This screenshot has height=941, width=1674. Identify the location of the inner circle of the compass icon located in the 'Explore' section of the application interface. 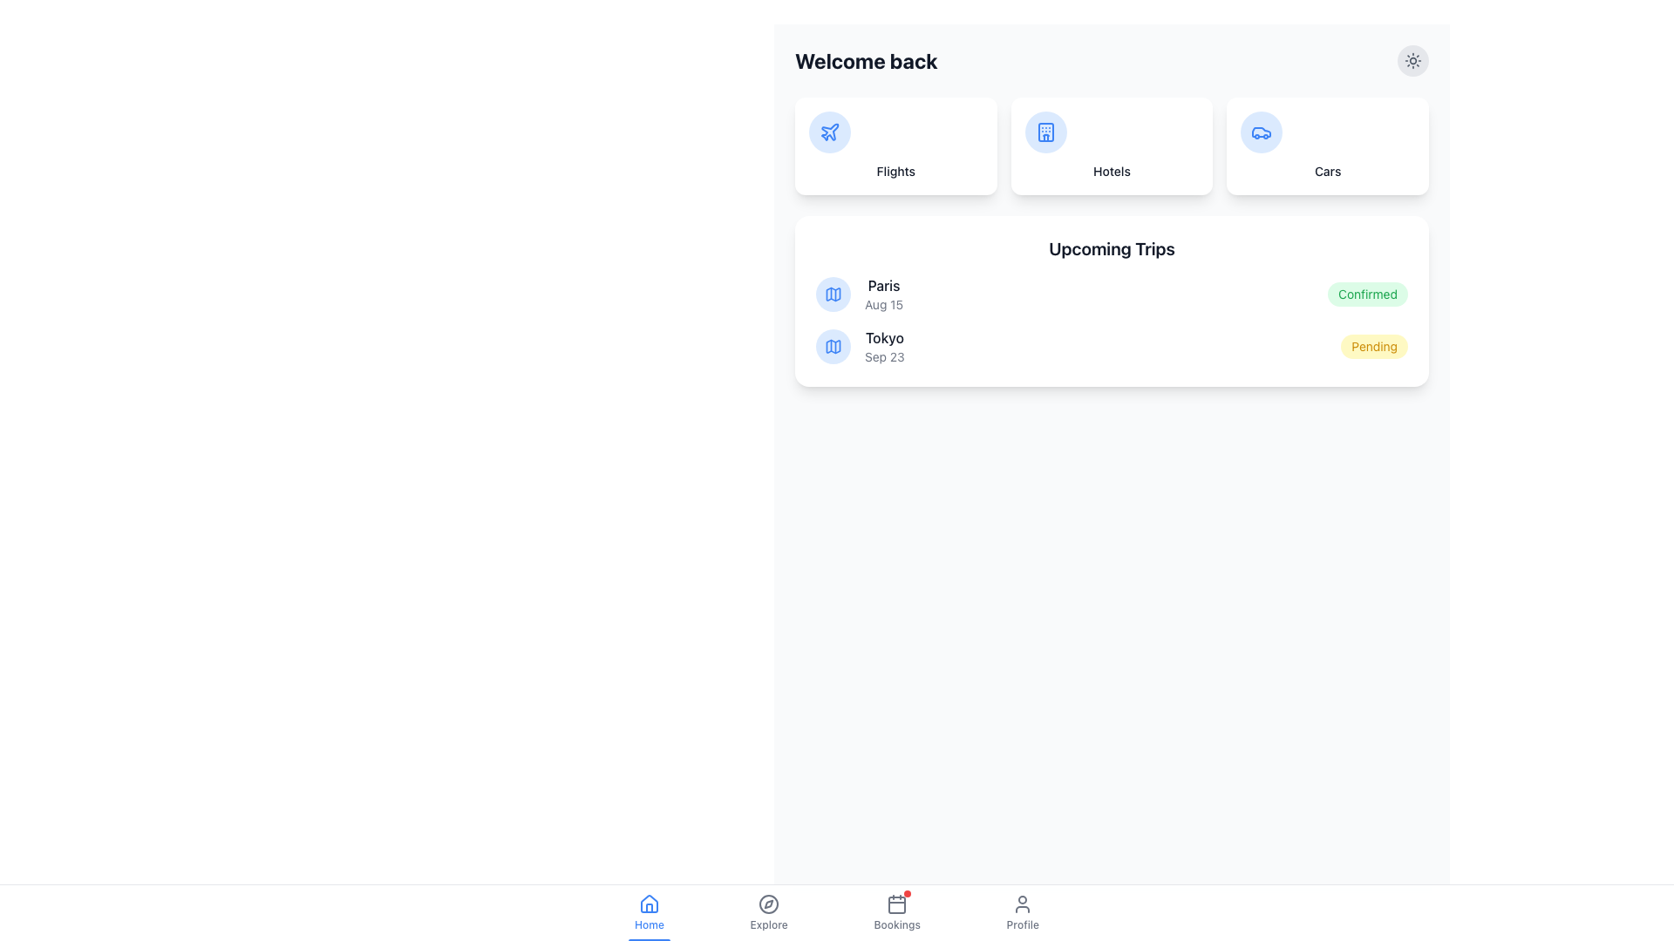
(768, 903).